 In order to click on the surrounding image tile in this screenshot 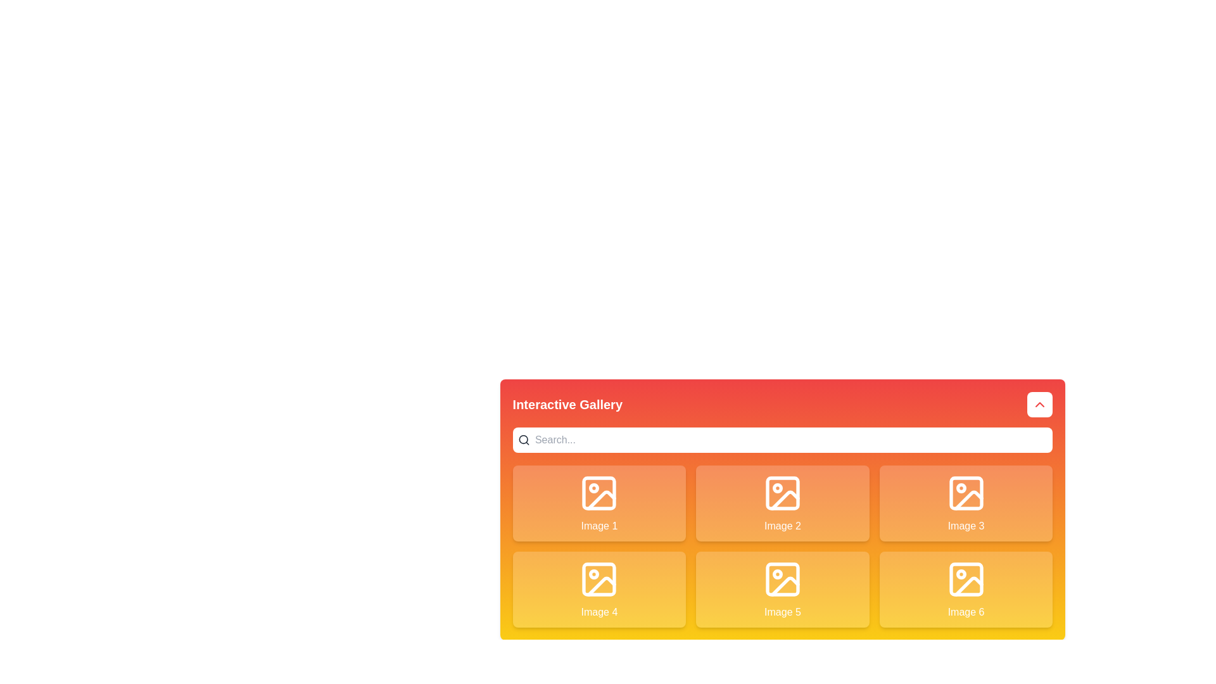, I will do `click(965, 579)`.